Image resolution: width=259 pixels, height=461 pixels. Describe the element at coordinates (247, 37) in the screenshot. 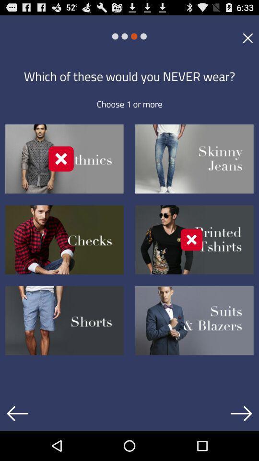

I see `exits the page` at that location.